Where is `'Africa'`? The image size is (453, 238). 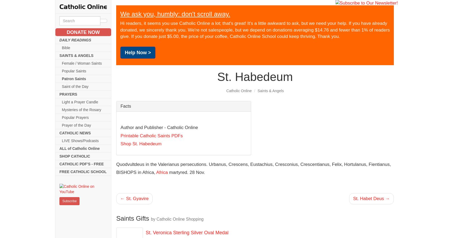 'Africa' is located at coordinates (162, 172).